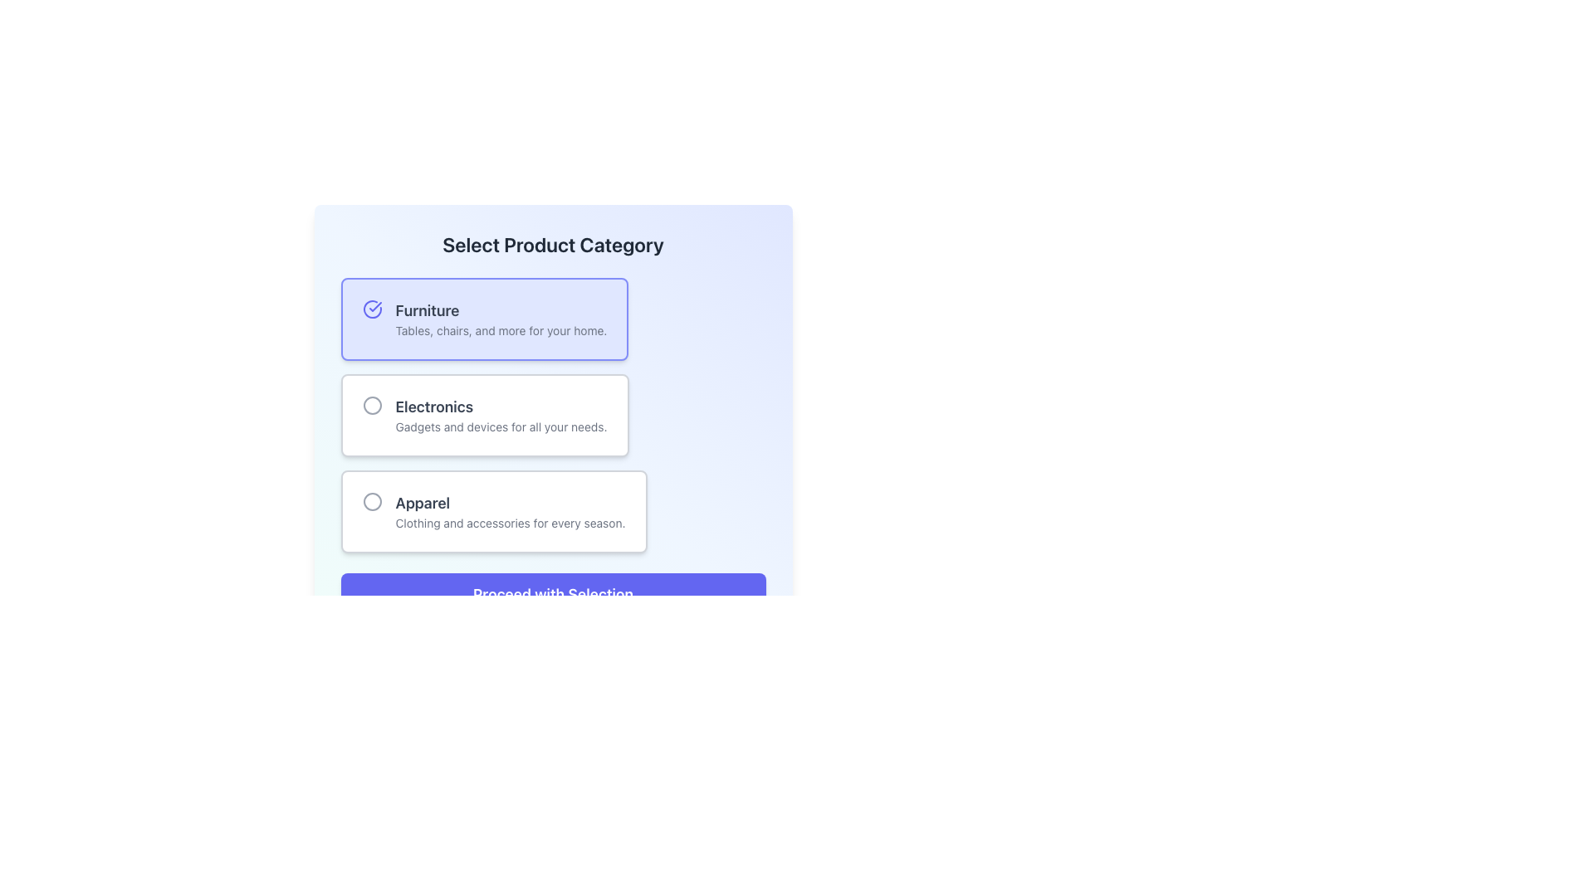 The height and width of the screenshot is (896, 1594). What do you see at coordinates (501, 415) in the screenshot?
I see `the 'Electronics' category label, which is a selectable item in a list of product categories located between 'Furniture' and 'Apparel'` at bounding box center [501, 415].